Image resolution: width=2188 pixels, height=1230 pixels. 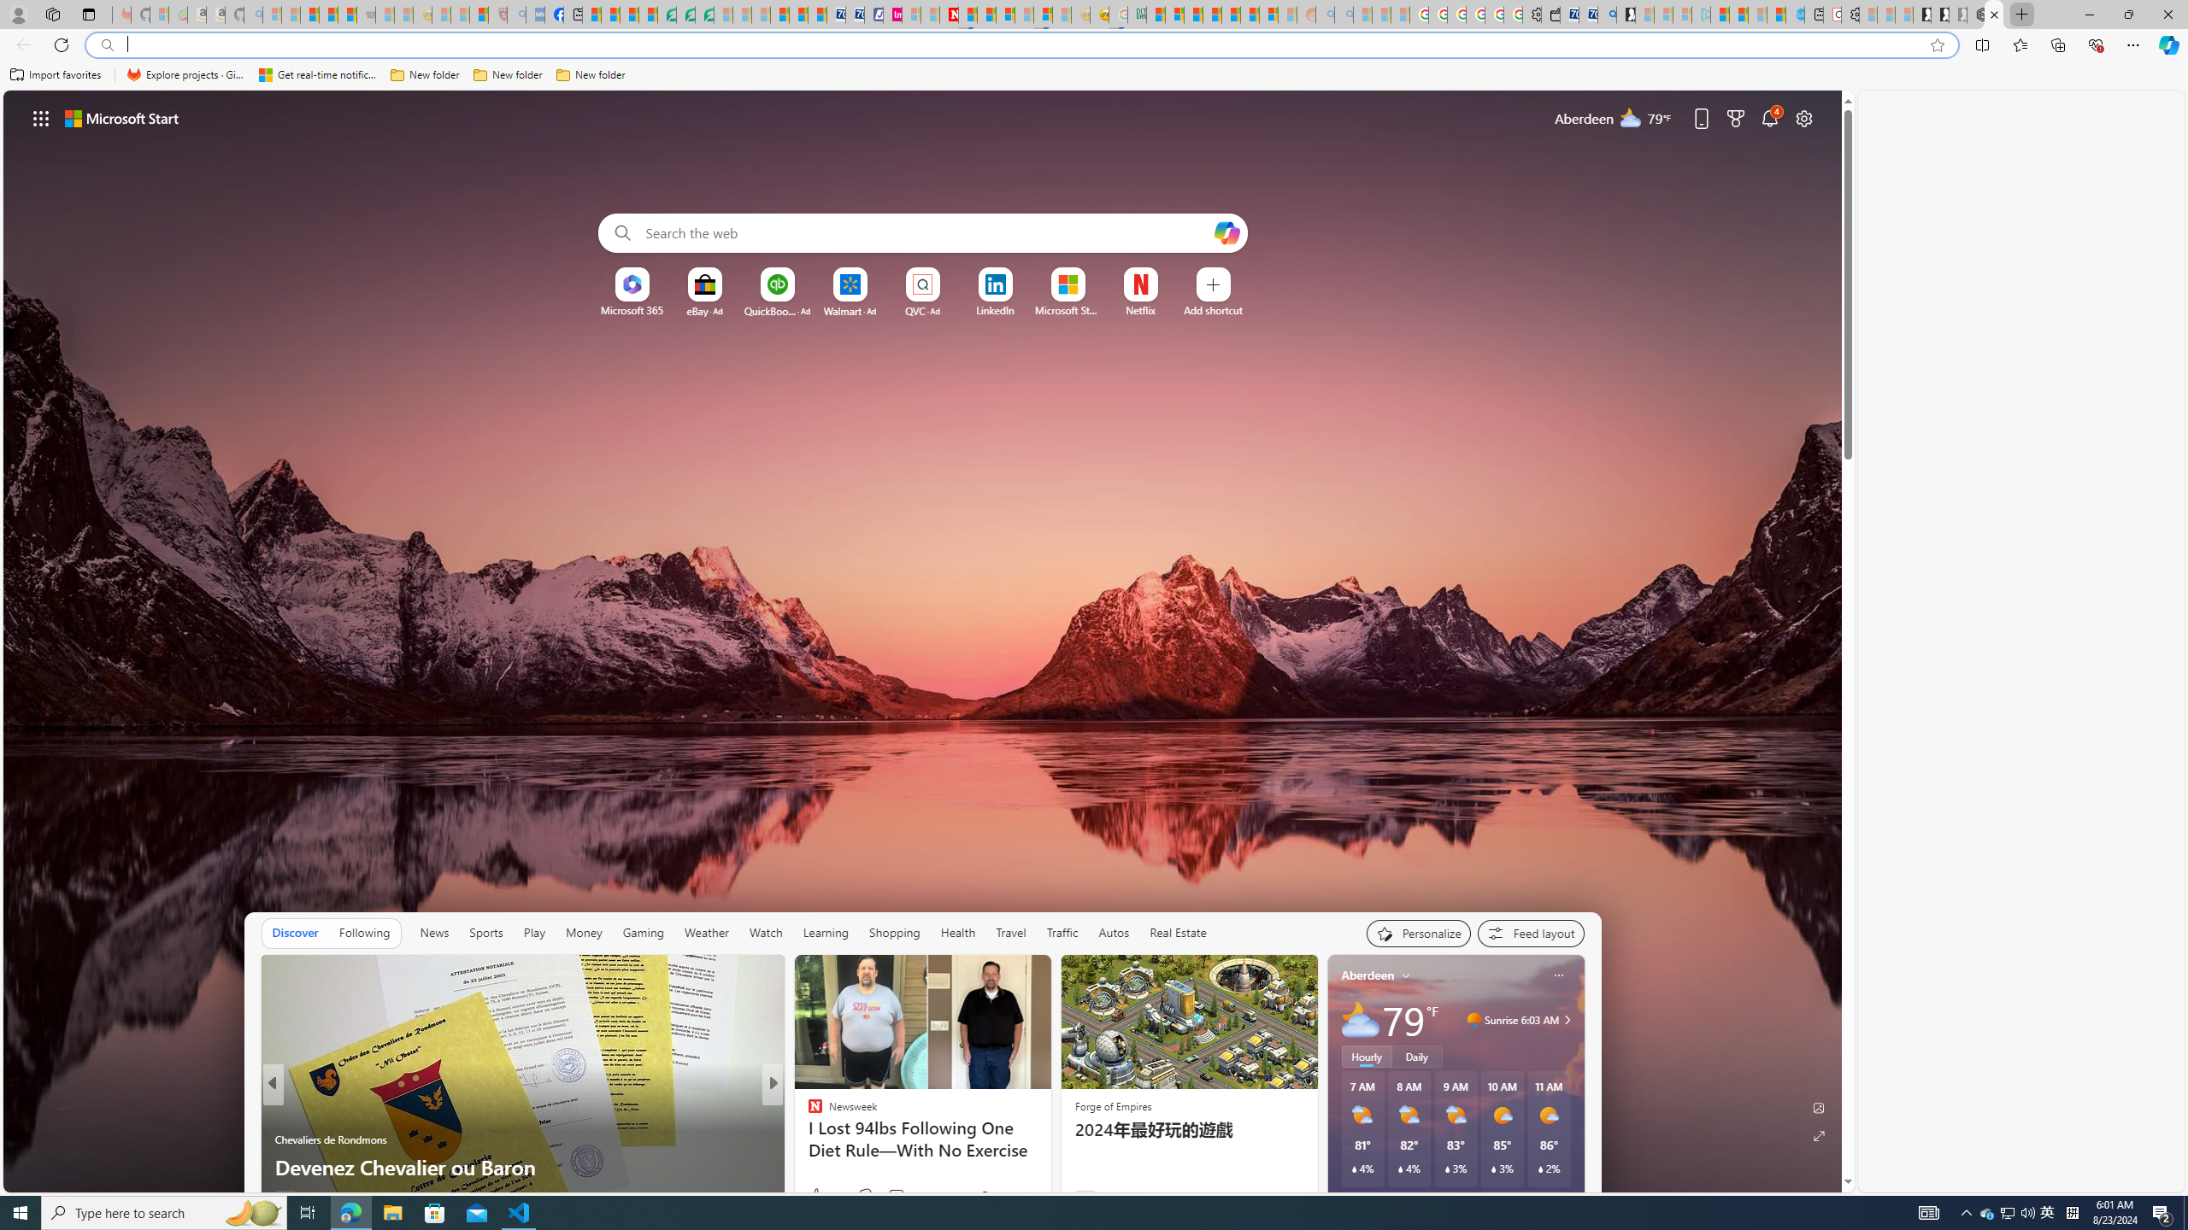 I want to click on 'Microsoft rewards', so click(x=1735, y=117).